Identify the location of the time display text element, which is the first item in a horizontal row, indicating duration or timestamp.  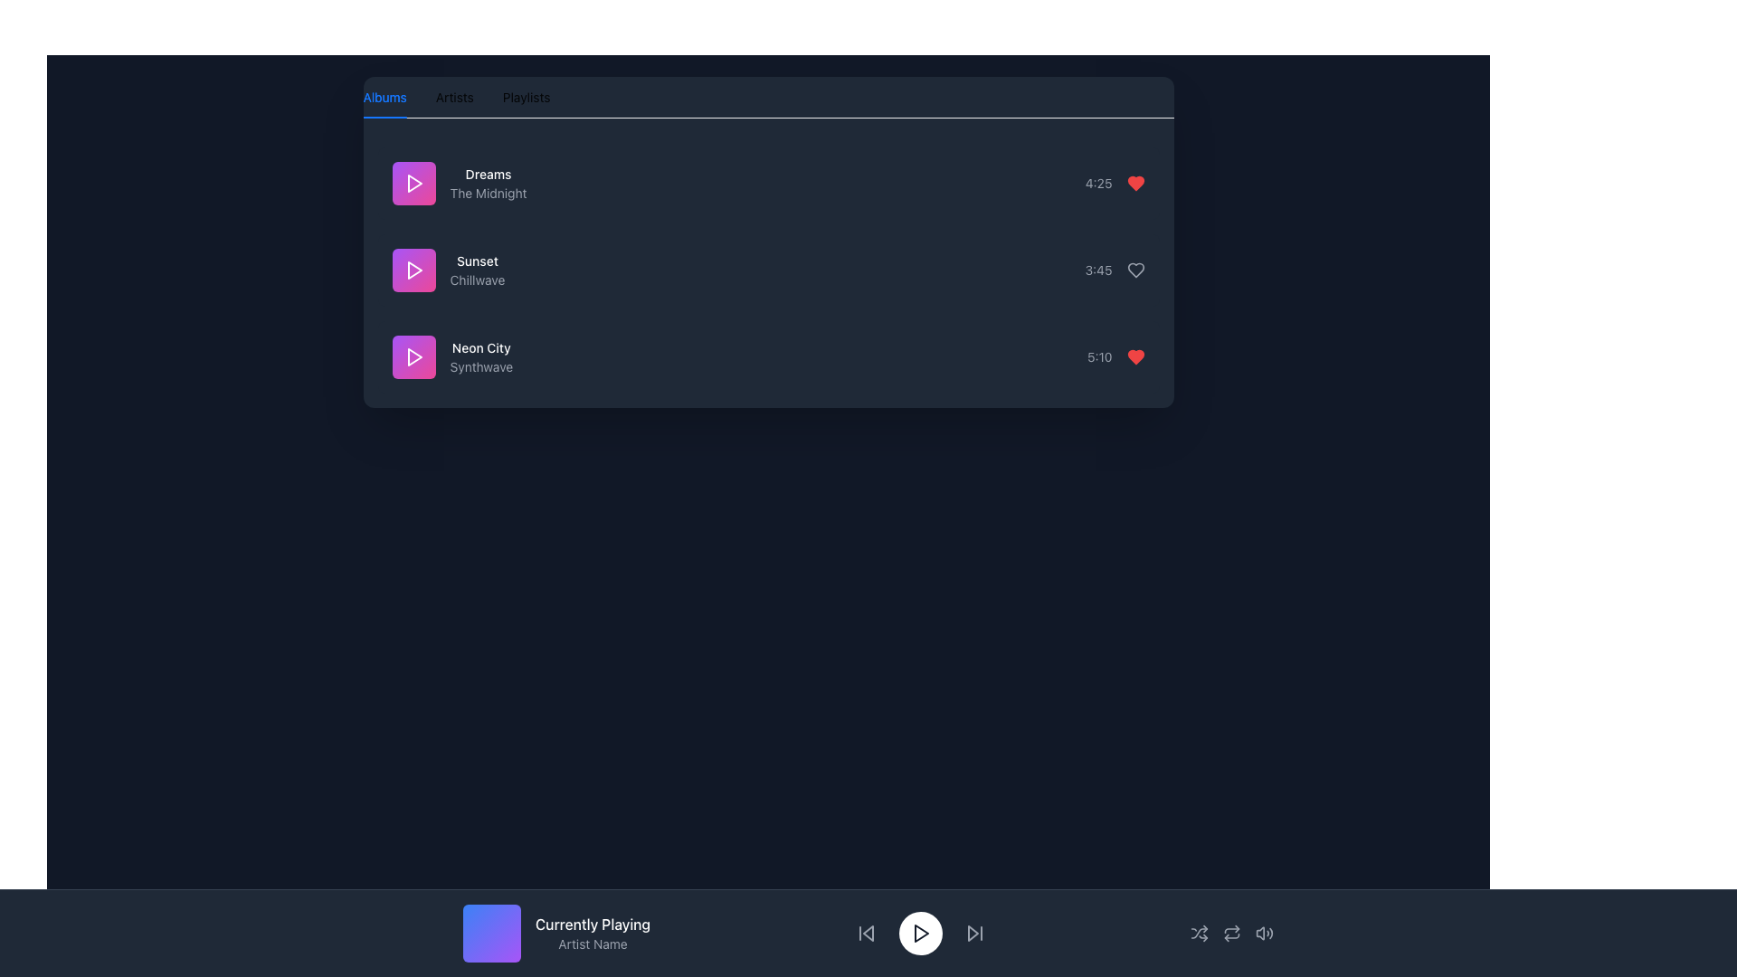
(1098, 356).